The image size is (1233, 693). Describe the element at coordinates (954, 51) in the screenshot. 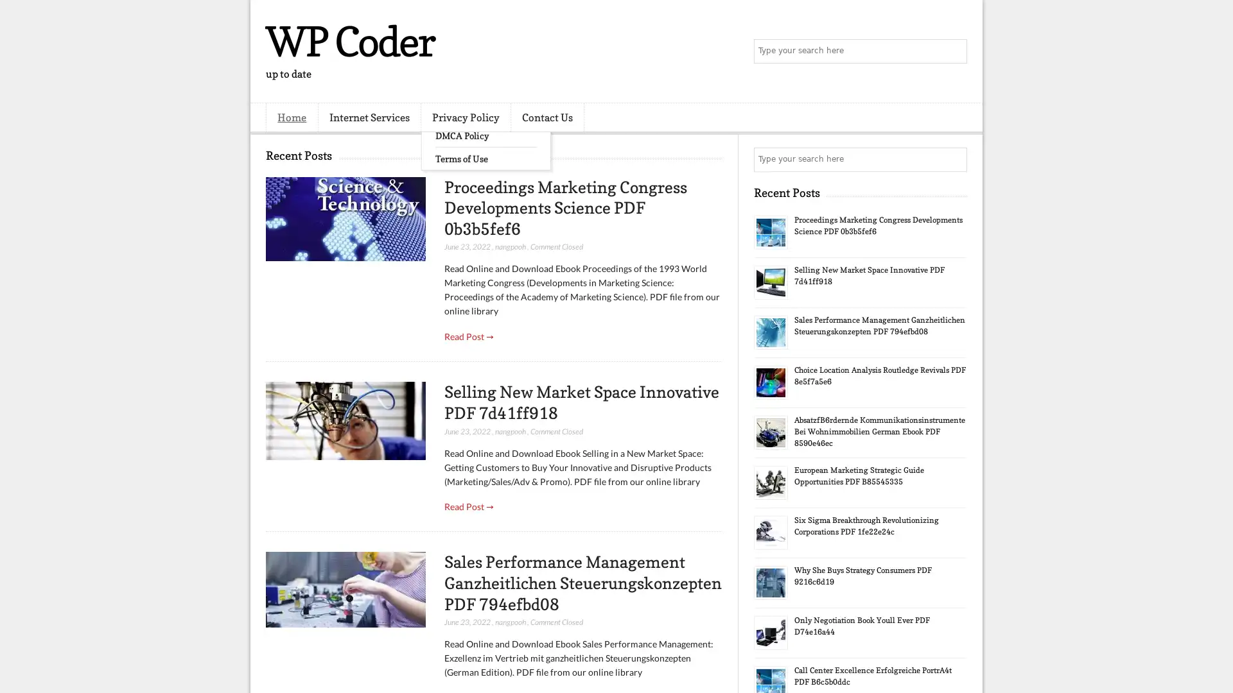

I see `Search` at that location.